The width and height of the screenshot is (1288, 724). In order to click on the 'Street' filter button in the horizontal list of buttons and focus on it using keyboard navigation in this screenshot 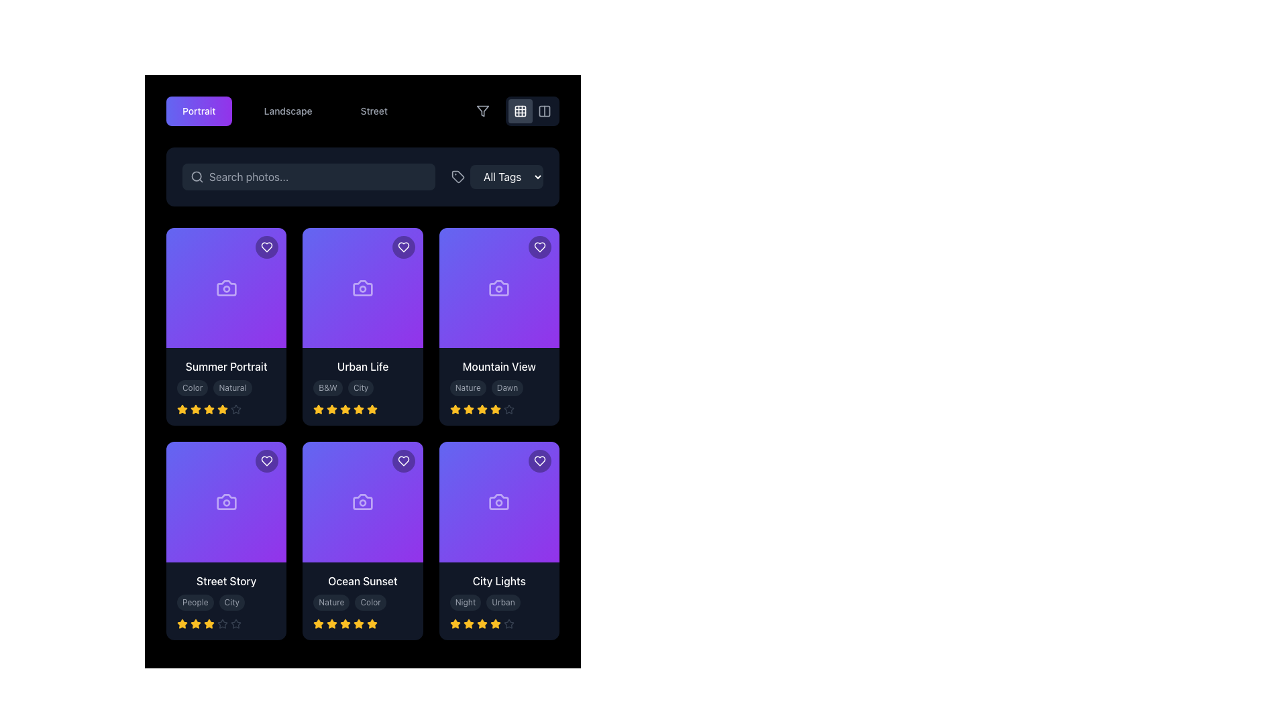, I will do `click(374, 110)`.